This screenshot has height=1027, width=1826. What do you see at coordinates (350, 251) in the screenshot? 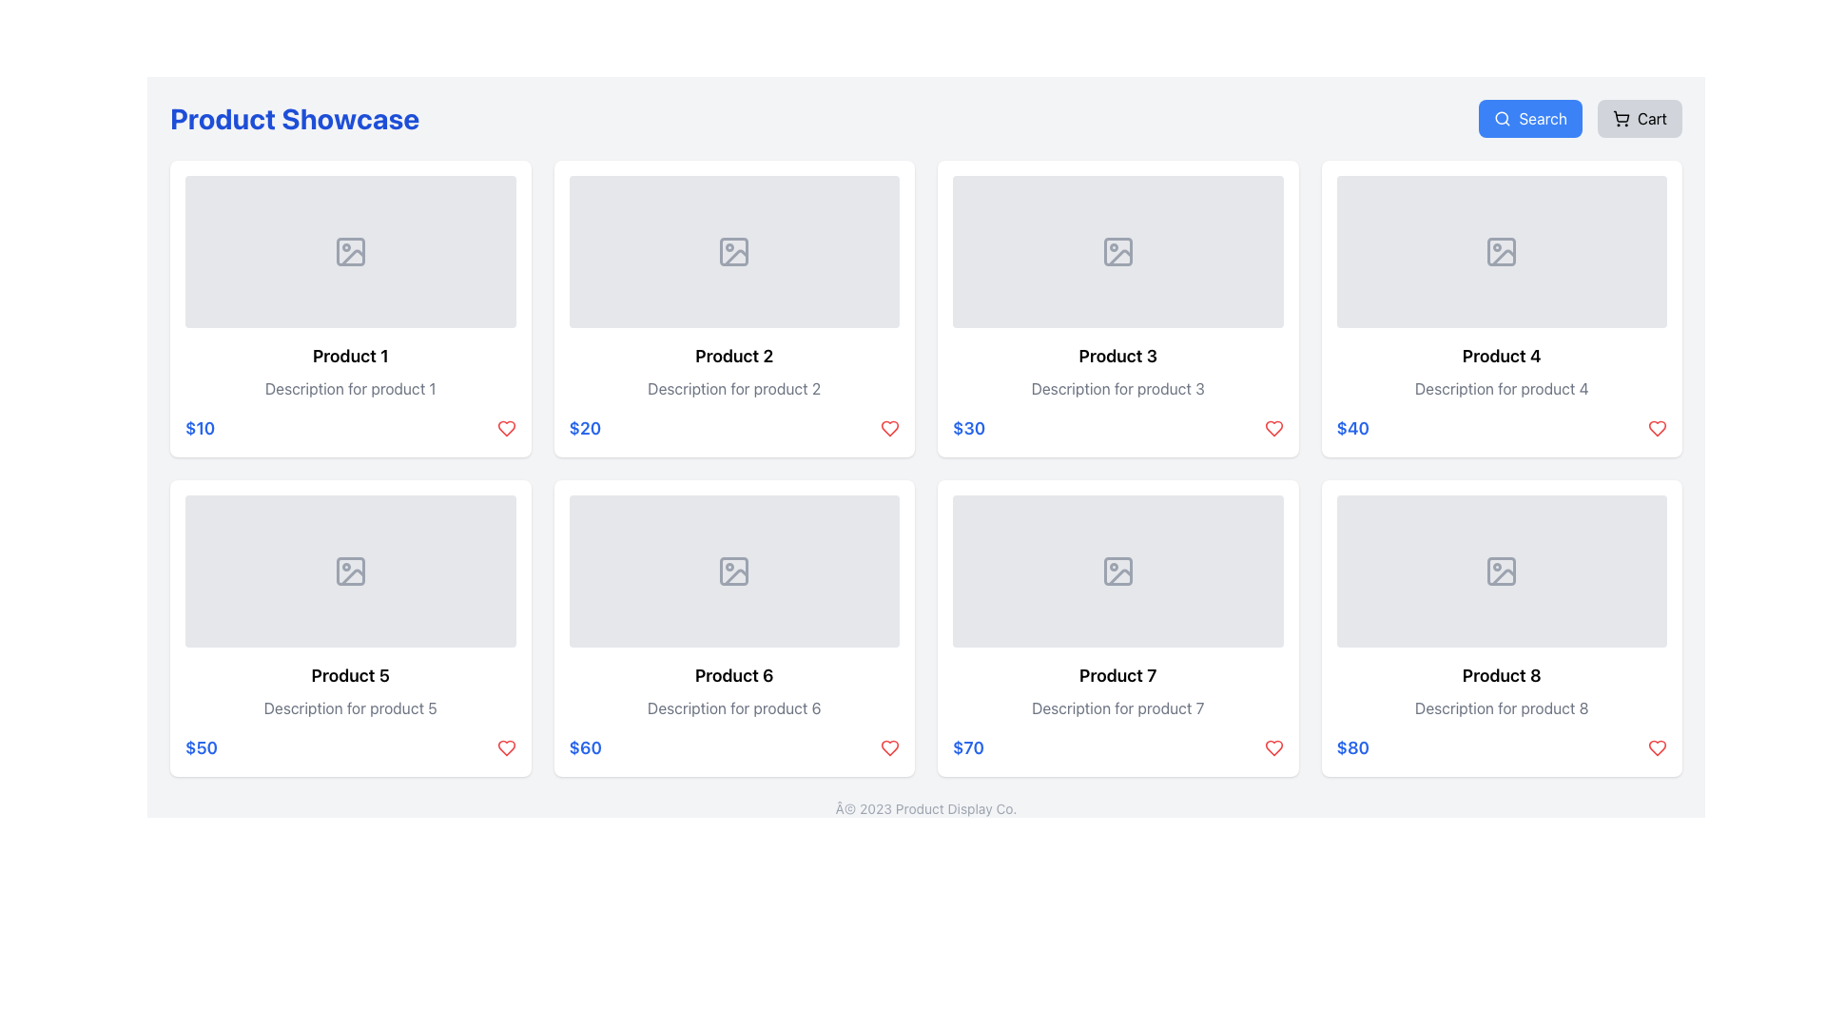
I see `the image placeholder with a light gray background and a photo frame icon, located in the upper section of the 'Product 1' card` at bounding box center [350, 251].